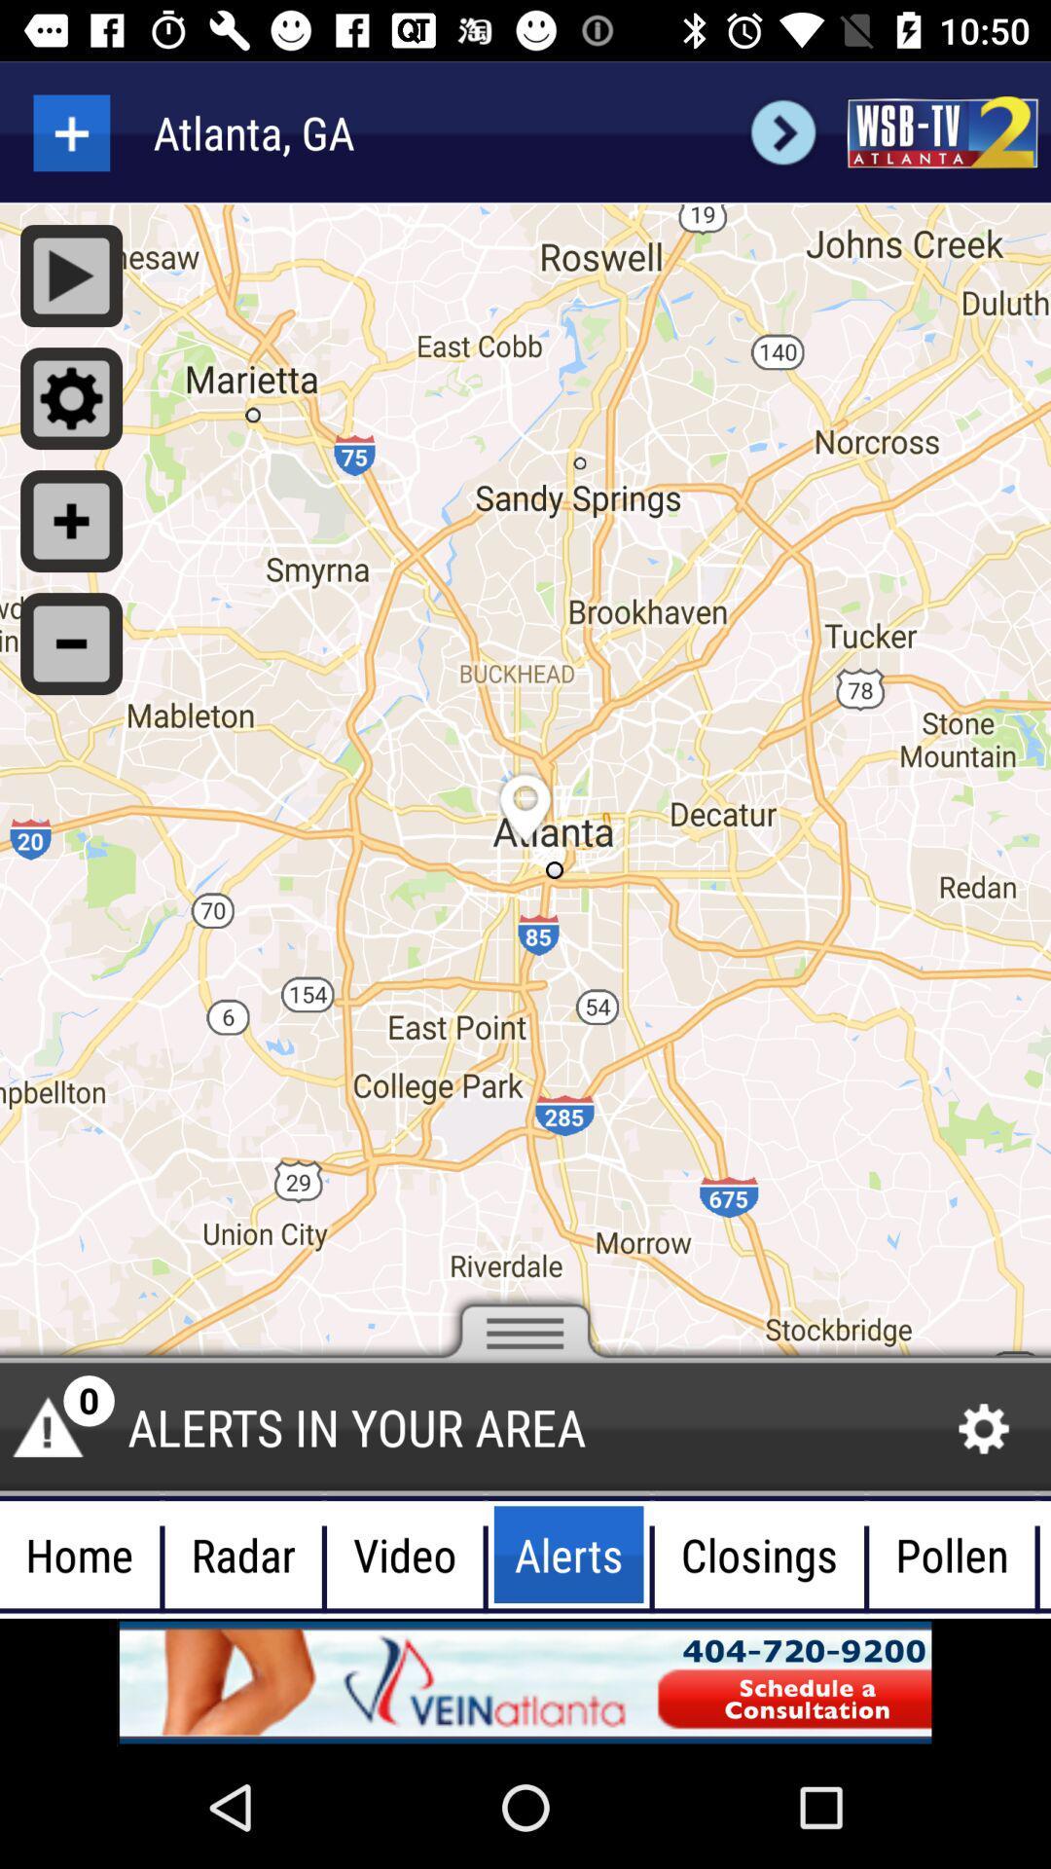  I want to click on button, so click(70, 643).